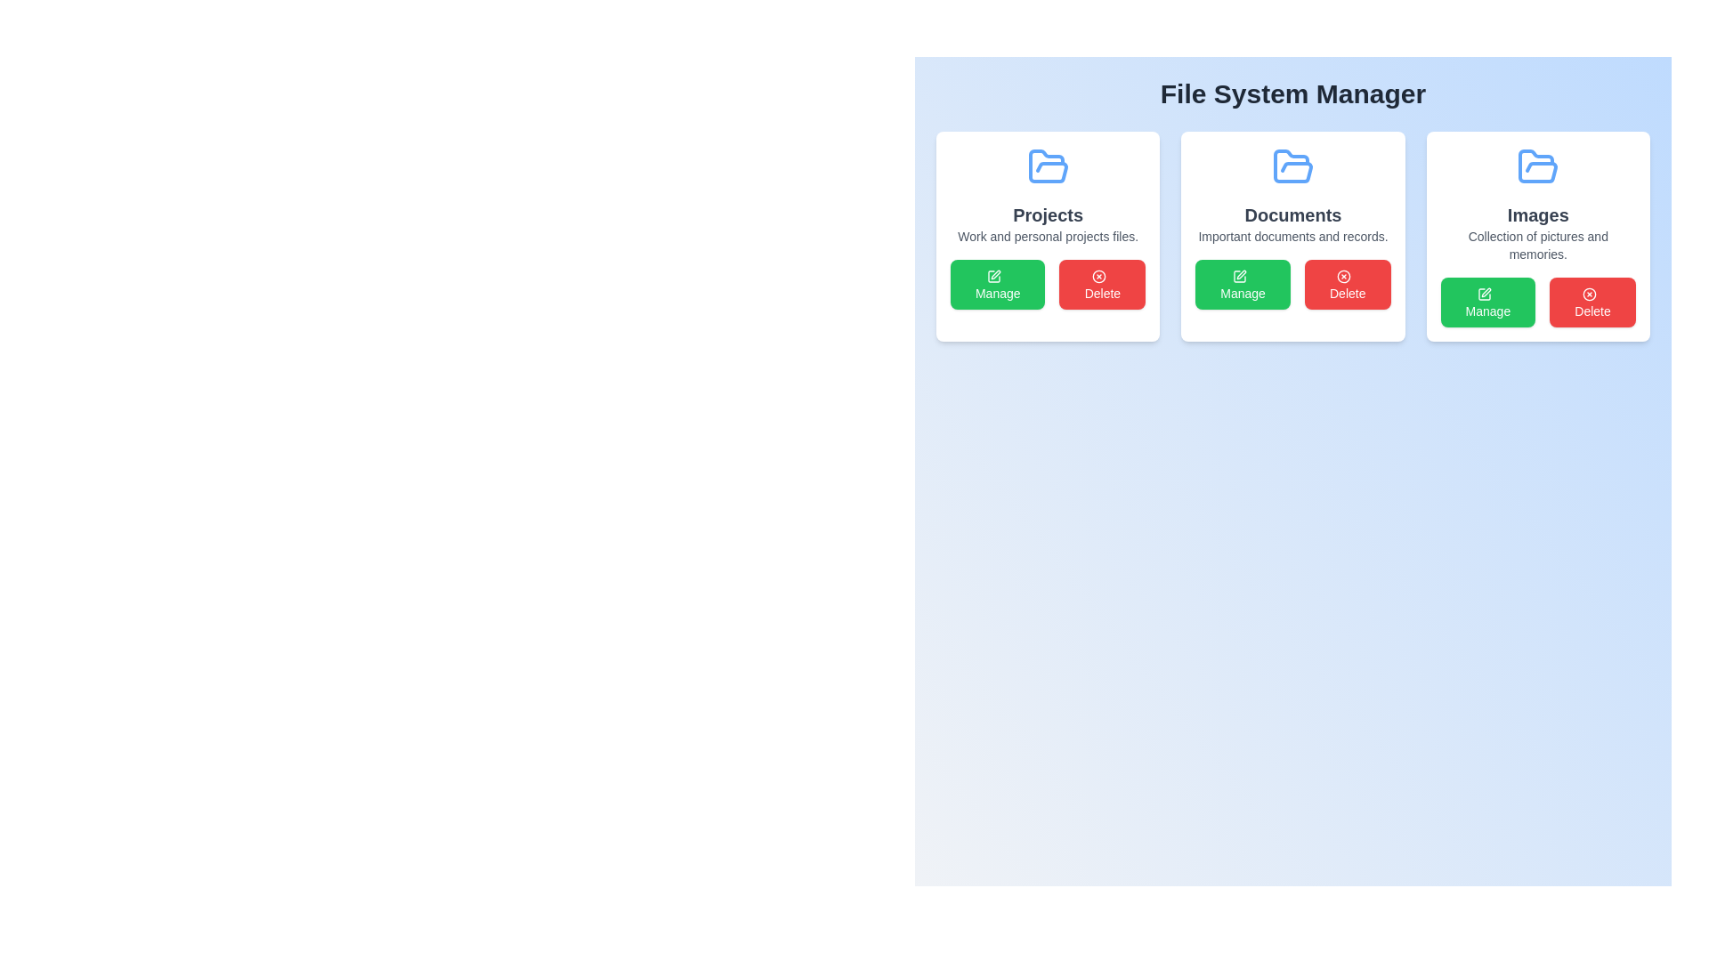 Image resolution: width=1709 pixels, height=961 pixels. Describe the element at coordinates (1101, 284) in the screenshot. I see `the delete button located to the right of the green 'Manage' button in the button group below the 'Projects' card section` at that location.